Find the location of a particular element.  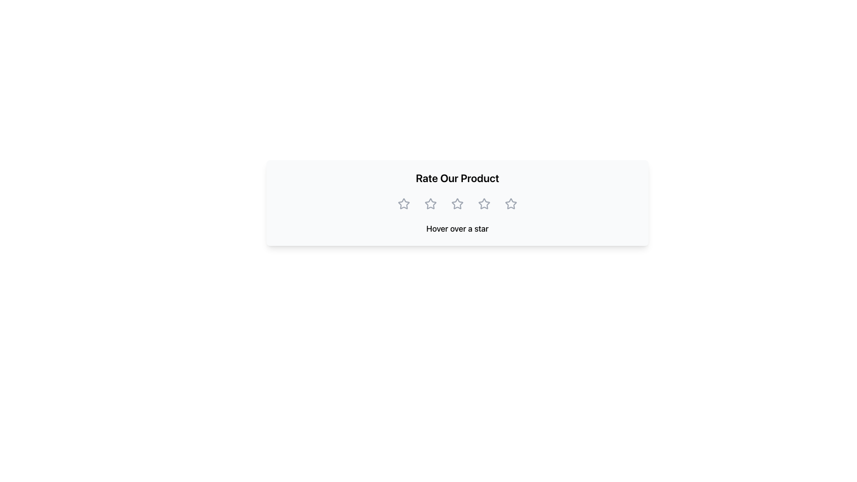

the fourth gray star icon in the interactive star rating section located under the 'Rate Our Product' heading to rate it is located at coordinates (483, 204).